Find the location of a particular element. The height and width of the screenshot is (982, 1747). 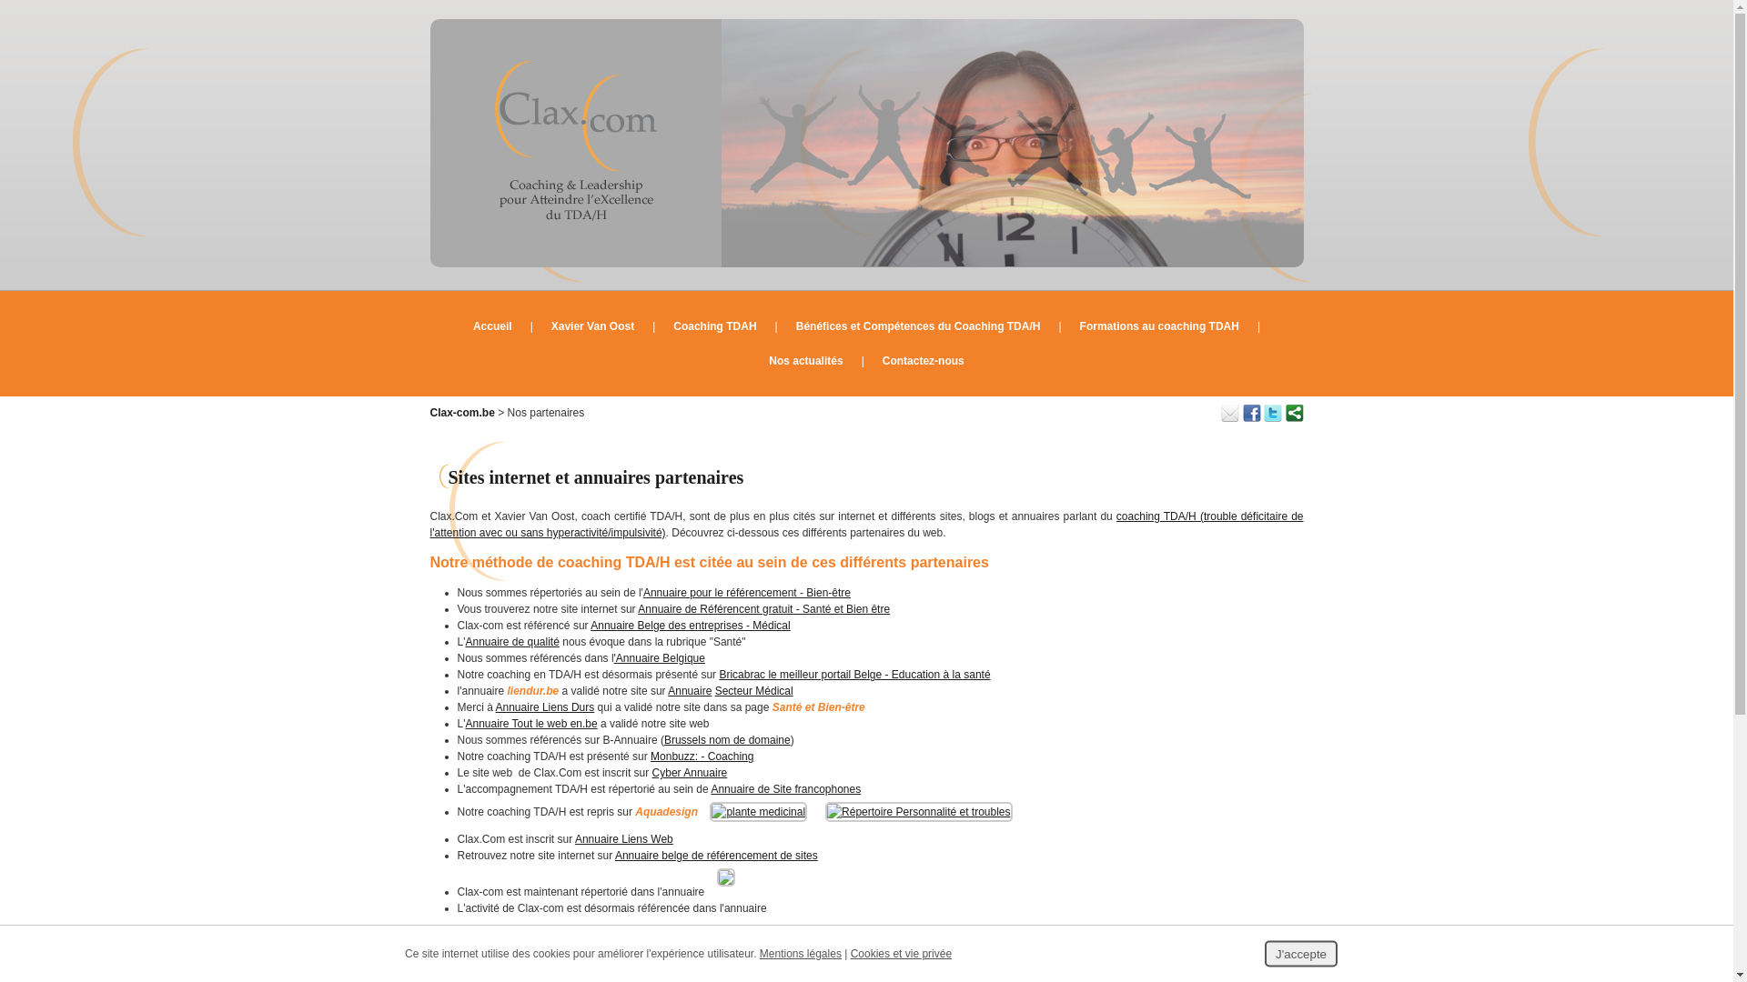

'Annuaire de Site francophones' is located at coordinates (710, 787).